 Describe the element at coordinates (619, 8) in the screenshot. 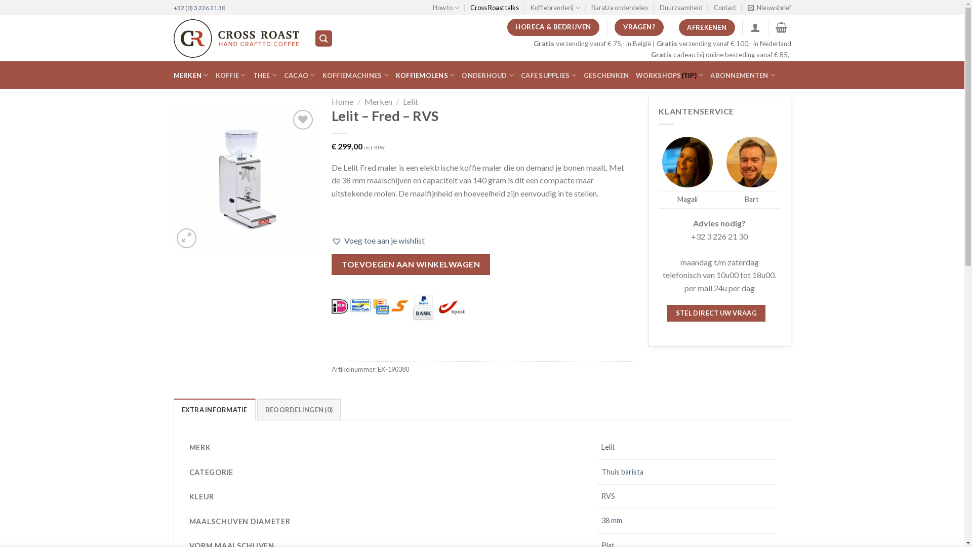

I see `'Baratza onderdelen'` at that location.